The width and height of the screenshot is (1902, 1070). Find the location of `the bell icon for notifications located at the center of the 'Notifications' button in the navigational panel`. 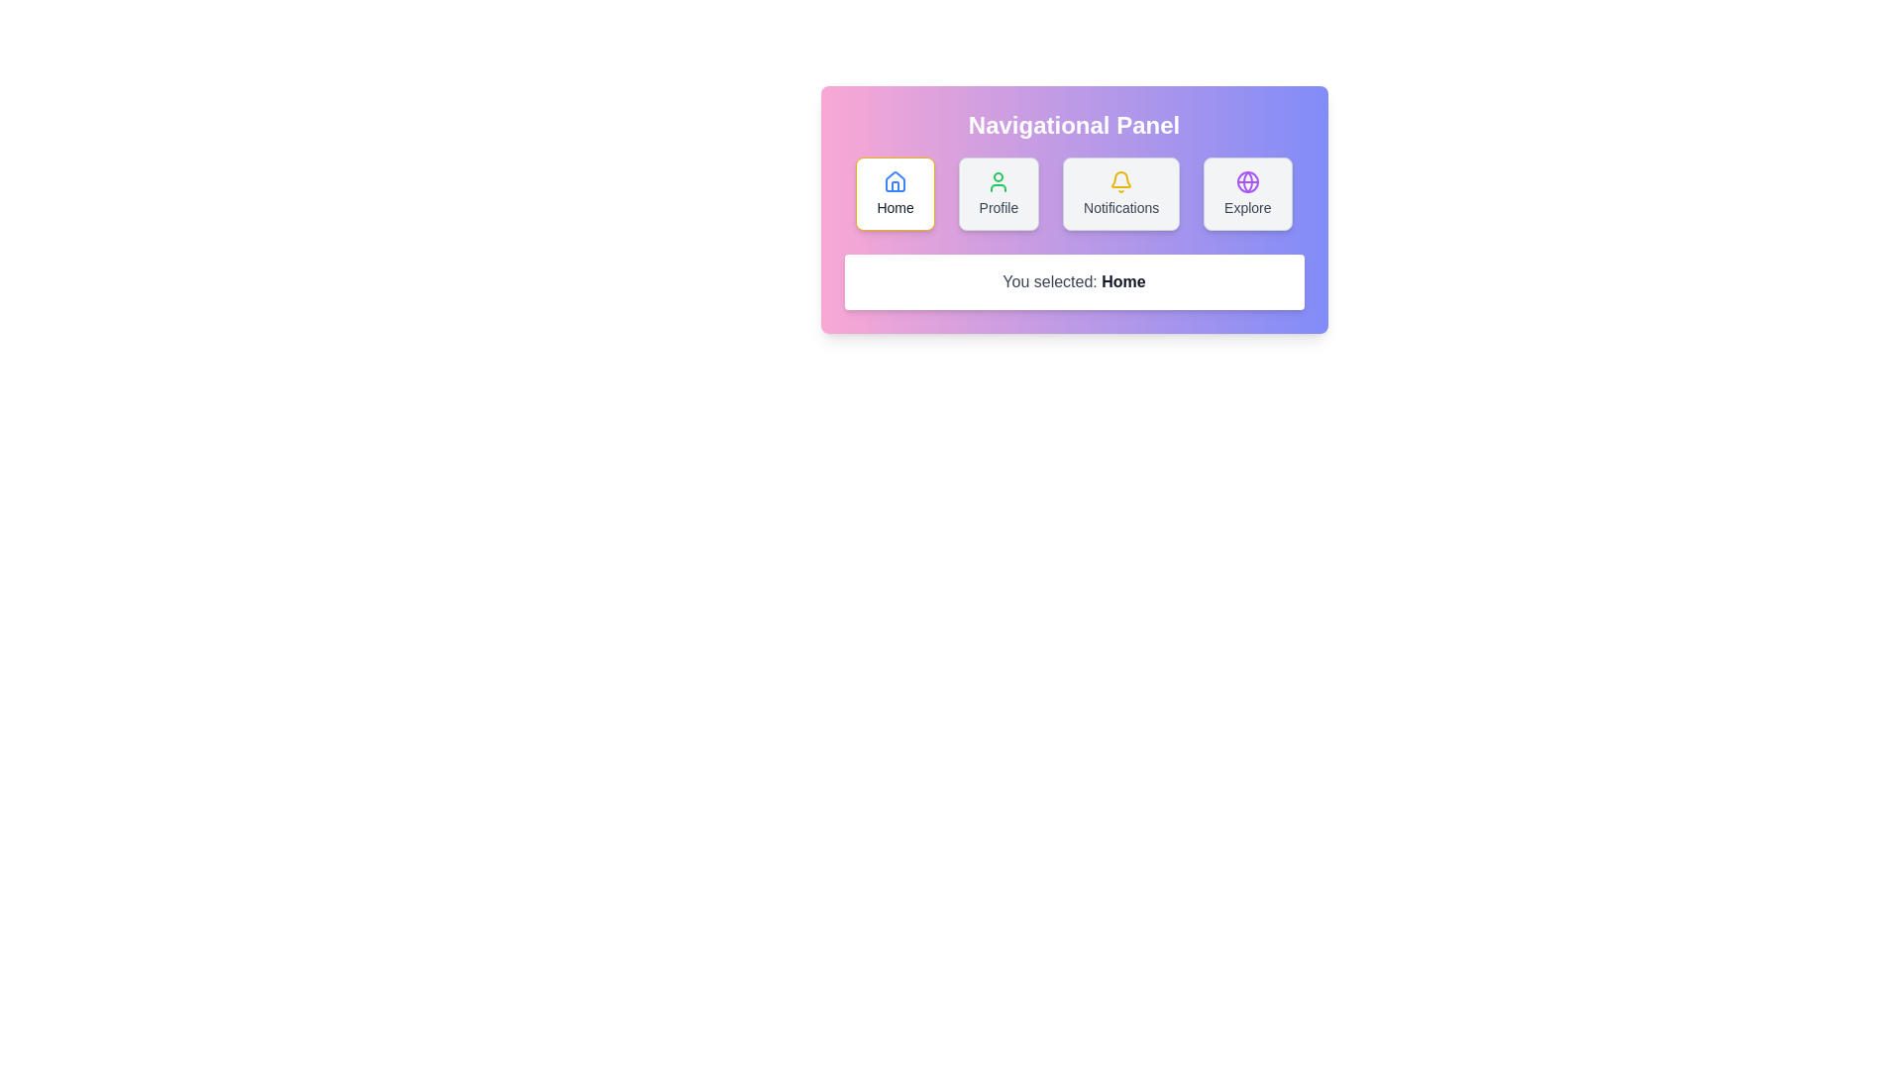

the bell icon for notifications located at the center of the 'Notifications' button in the navigational panel is located at coordinates (1121, 182).